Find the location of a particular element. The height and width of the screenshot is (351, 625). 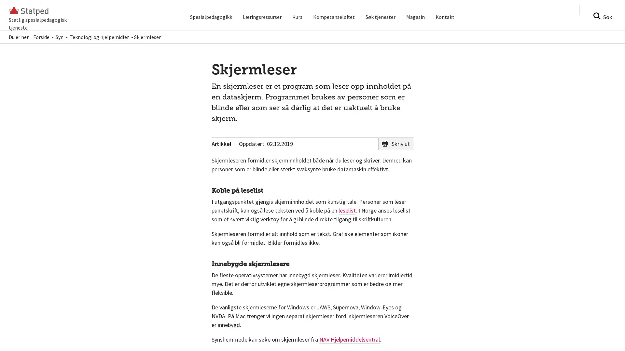

Skriv ut is located at coordinates (395, 149).